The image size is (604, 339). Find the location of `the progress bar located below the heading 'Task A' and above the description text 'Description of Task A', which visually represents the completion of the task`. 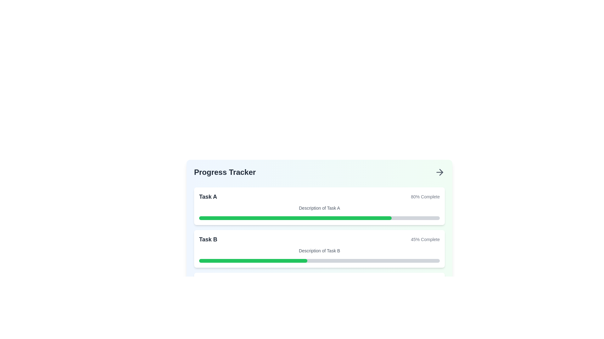

the progress bar located below the heading 'Task A' and above the description text 'Description of Task A', which visually represents the completion of the task is located at coordinates (295, 218).